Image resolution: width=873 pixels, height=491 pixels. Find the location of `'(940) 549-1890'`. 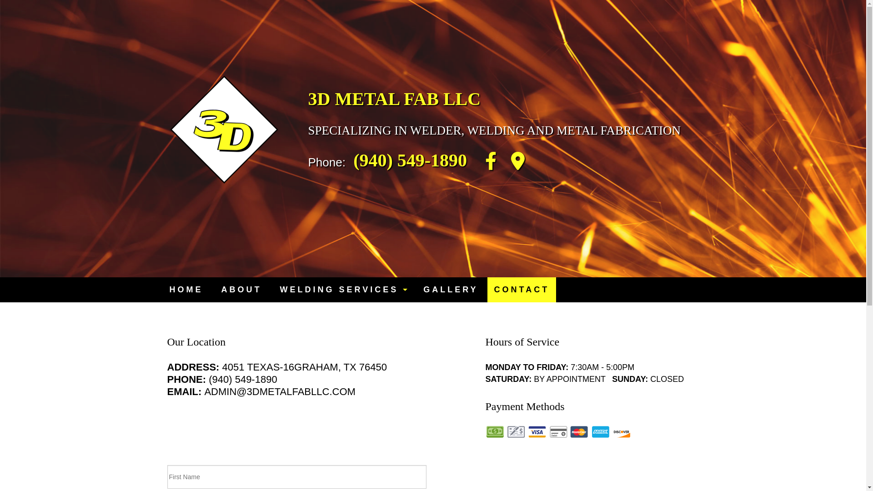

'(940) 549-1890' is located at coordinates (410, 160).